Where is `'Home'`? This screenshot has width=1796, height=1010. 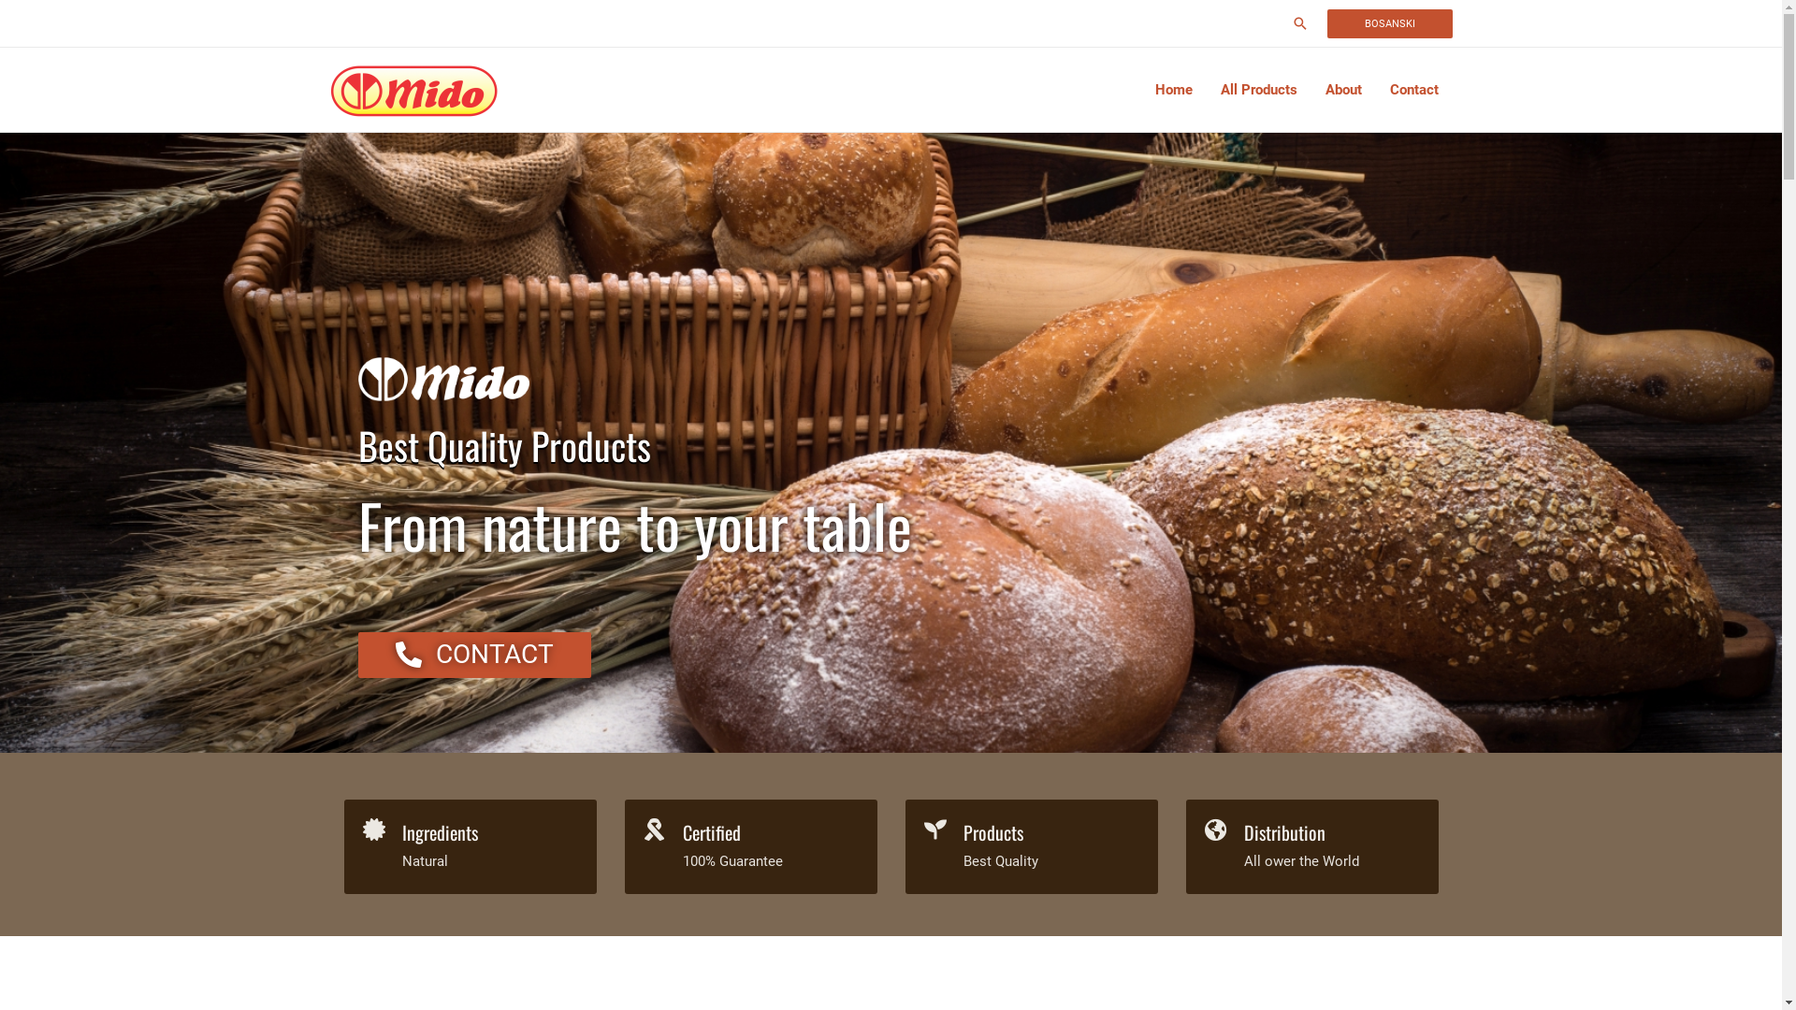
'Home' is located at coordinates (1172, 90).